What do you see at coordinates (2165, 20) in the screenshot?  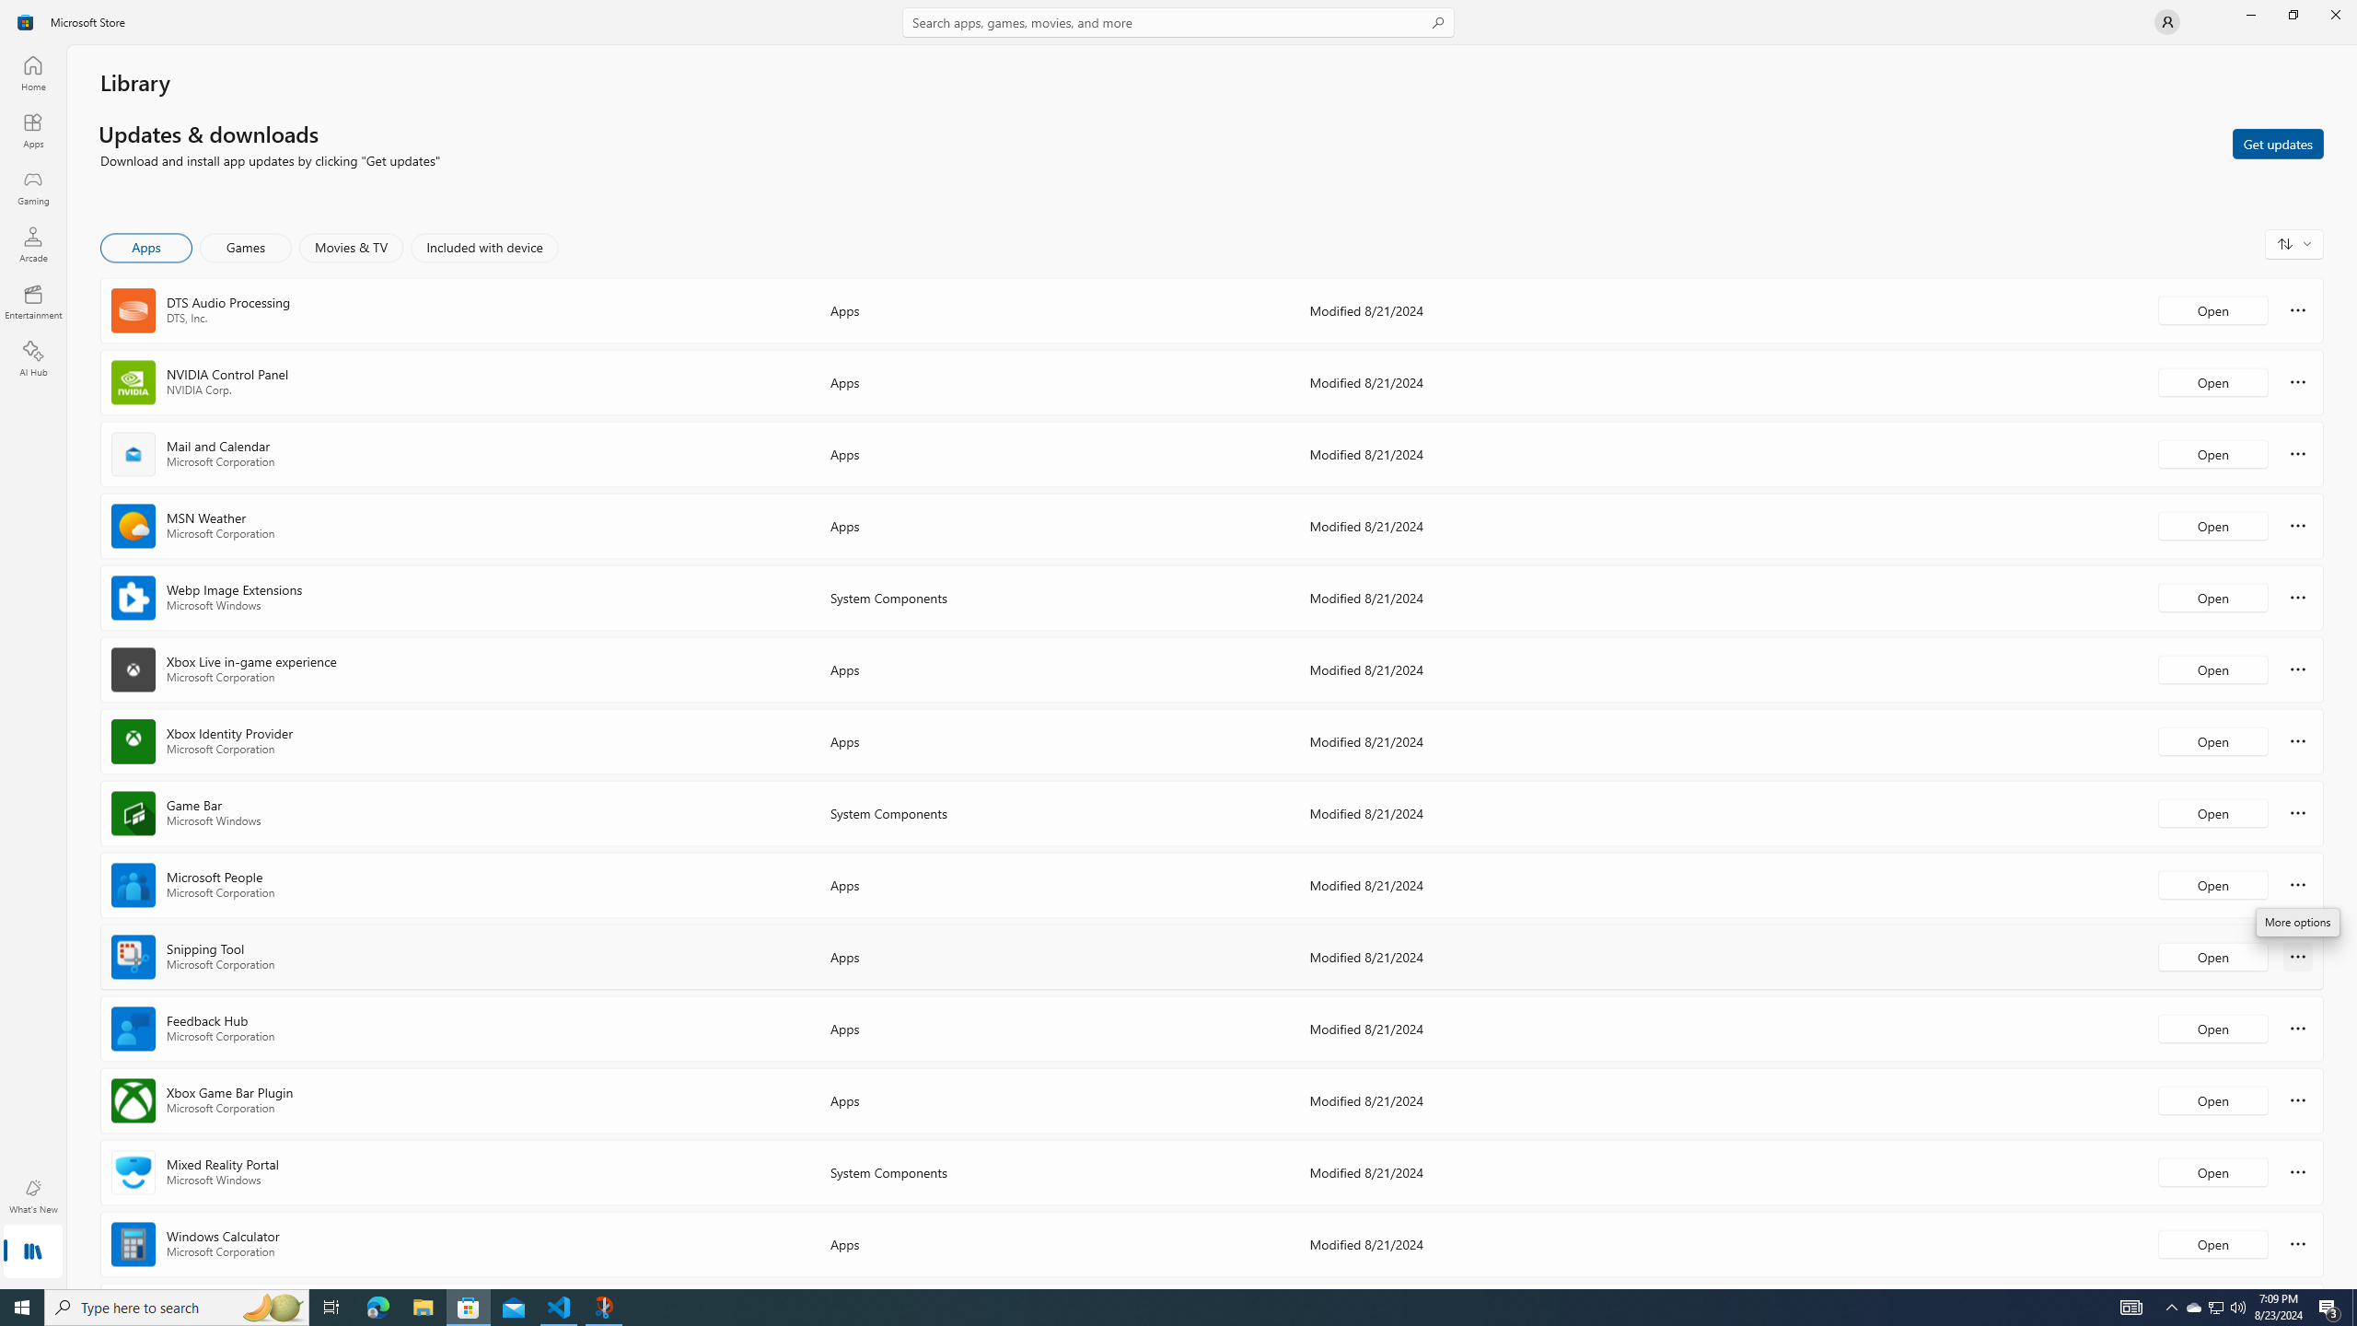 I see `'User profile'` at bounding box center [2165, 20].